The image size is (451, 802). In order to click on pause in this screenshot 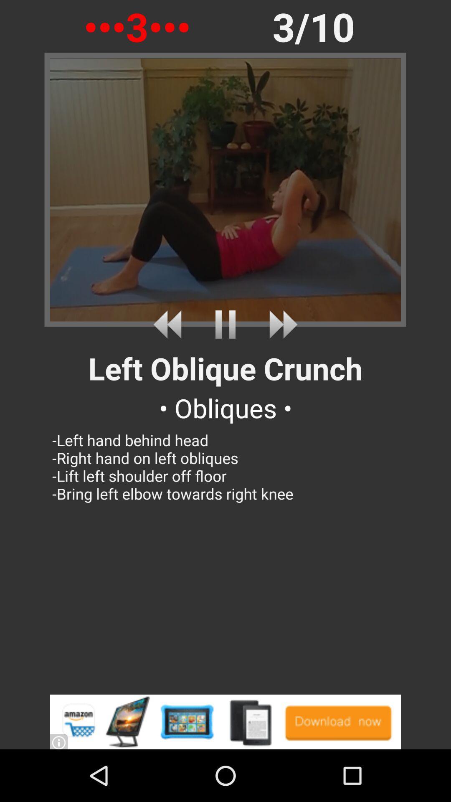, I will do `click(225, 324)`.